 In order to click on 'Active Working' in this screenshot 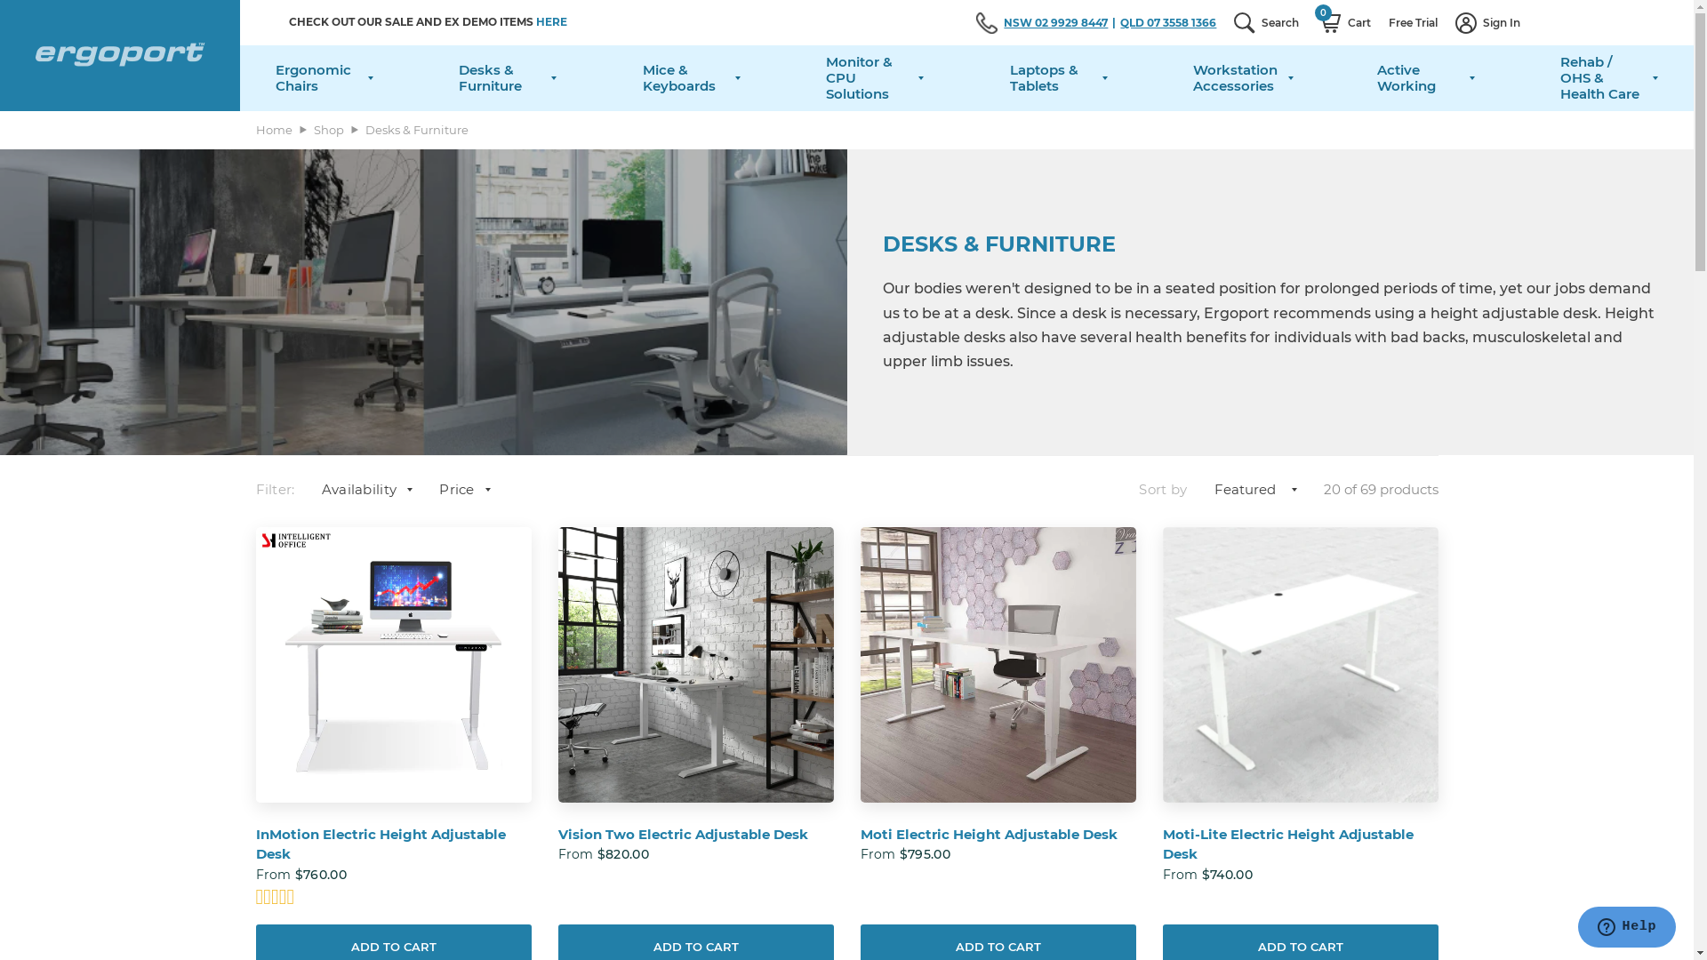, I will do `click(1425, 77)`.